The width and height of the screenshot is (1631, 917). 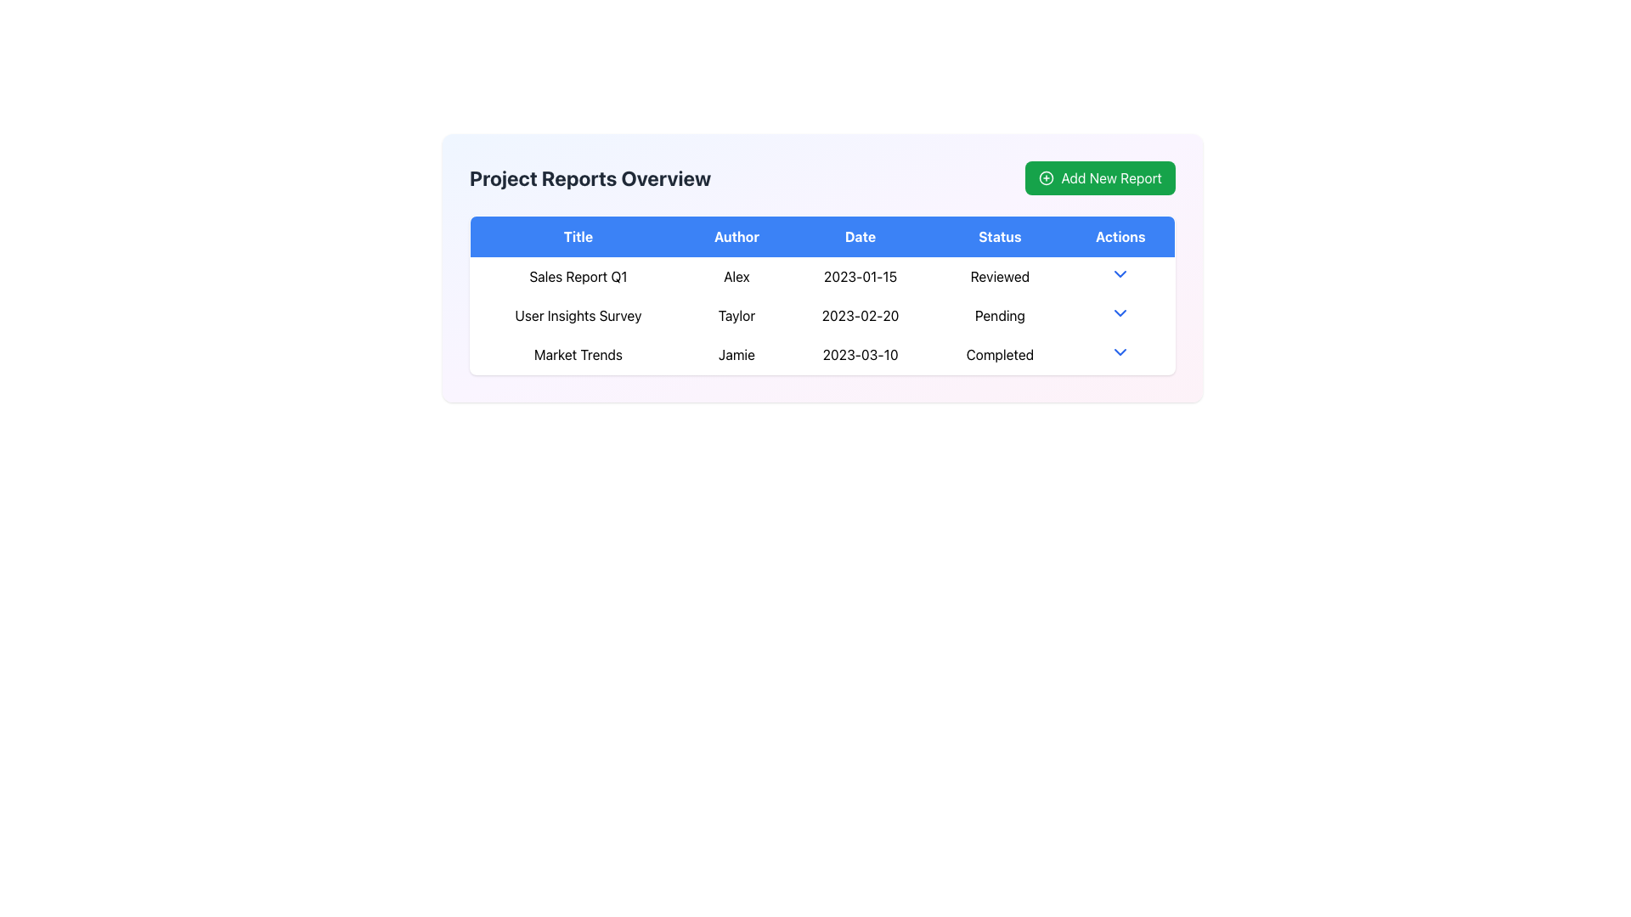 What do you see at coordinates (736, 236) in the screenshot?
I see `the category header label for authors, which is the second element in a row of five within a table-like structure` at bounding box center [736, 236].